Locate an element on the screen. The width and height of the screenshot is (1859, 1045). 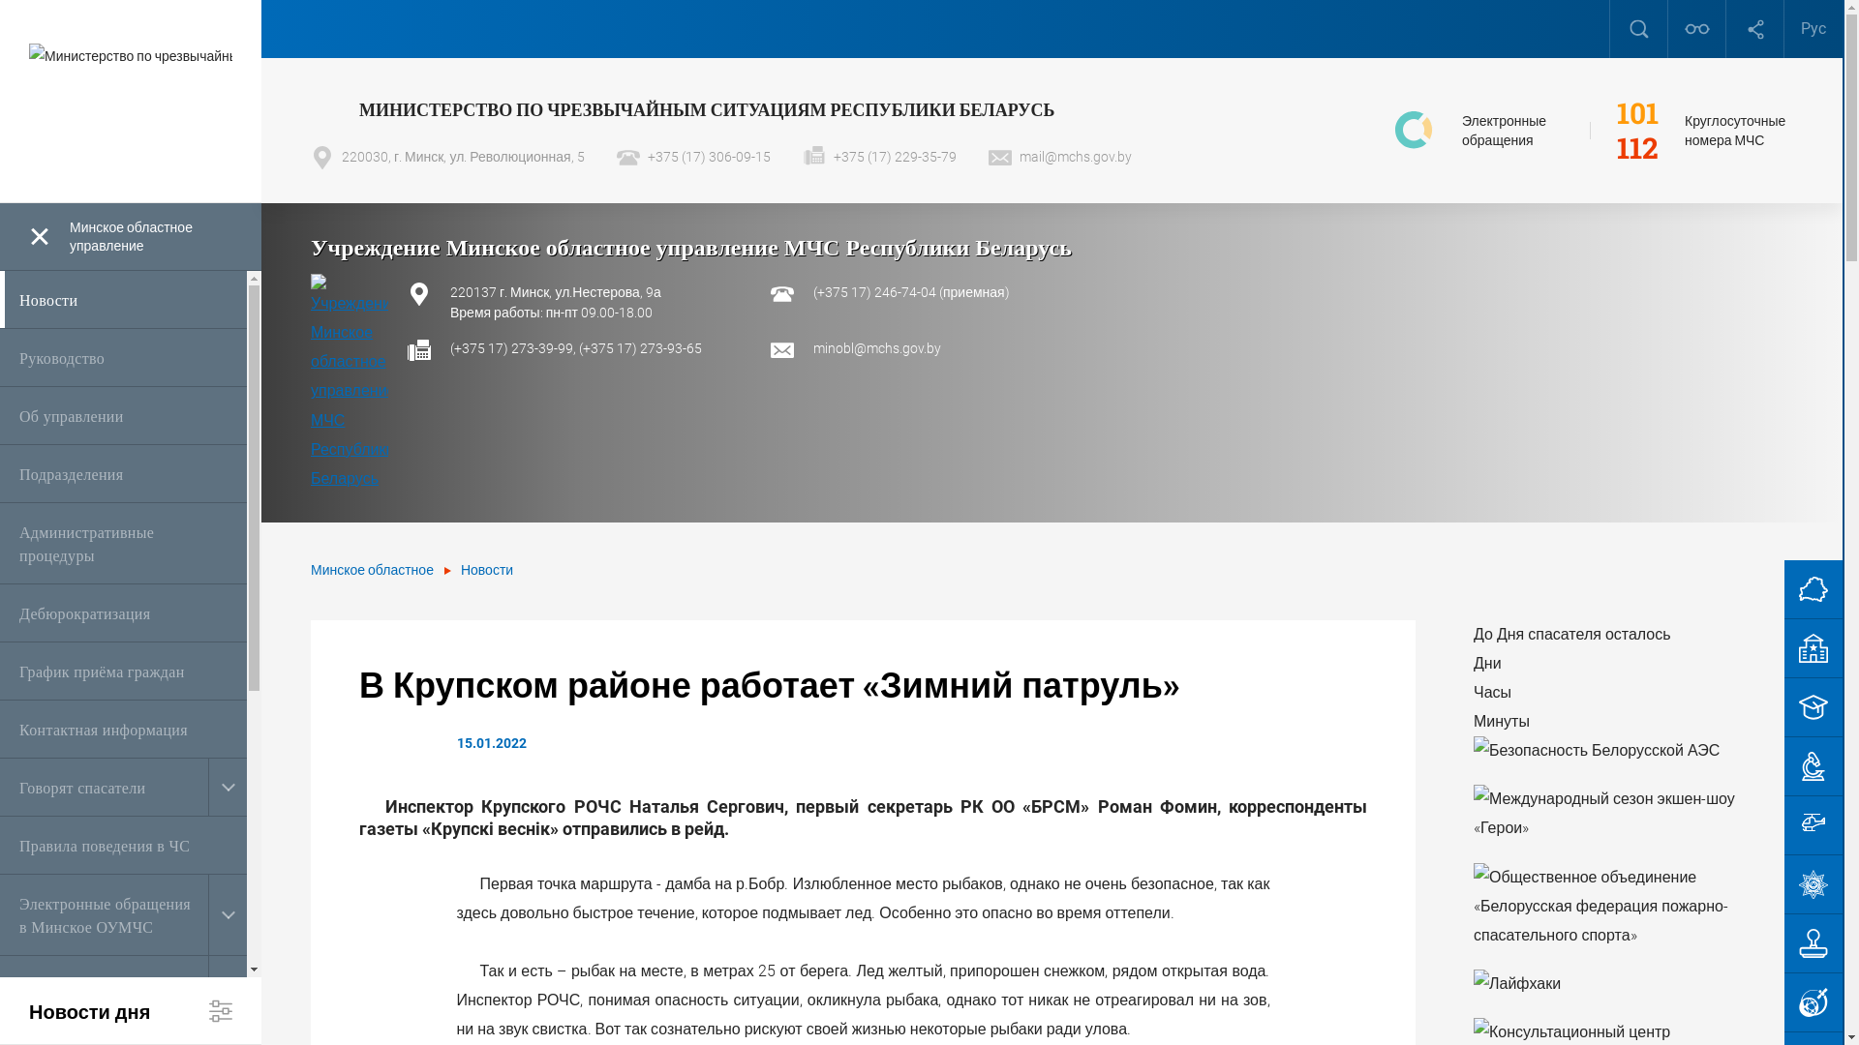
'mail@mchs.gov.by' is located at coordinates (1058, 156).